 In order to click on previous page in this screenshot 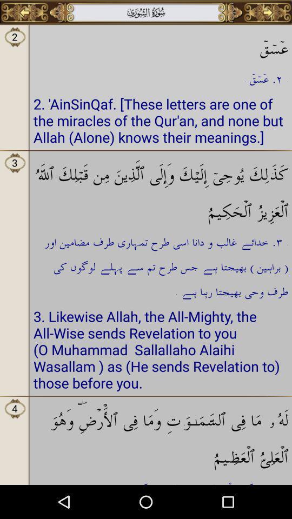, I will do `click(24, 12)`.